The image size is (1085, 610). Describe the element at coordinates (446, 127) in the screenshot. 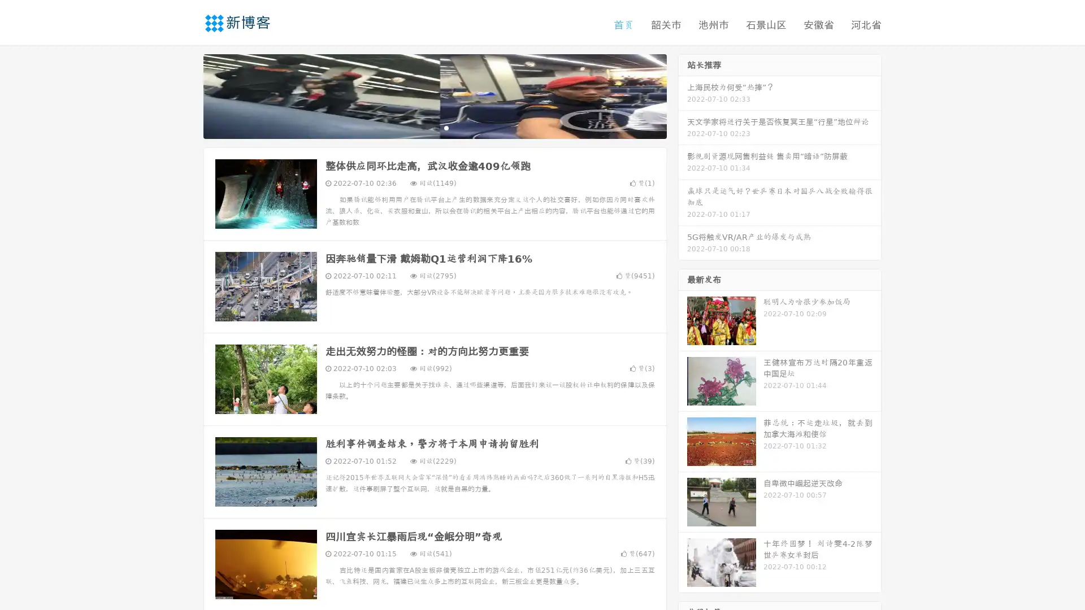

I see `Go to slide 3` at that location.